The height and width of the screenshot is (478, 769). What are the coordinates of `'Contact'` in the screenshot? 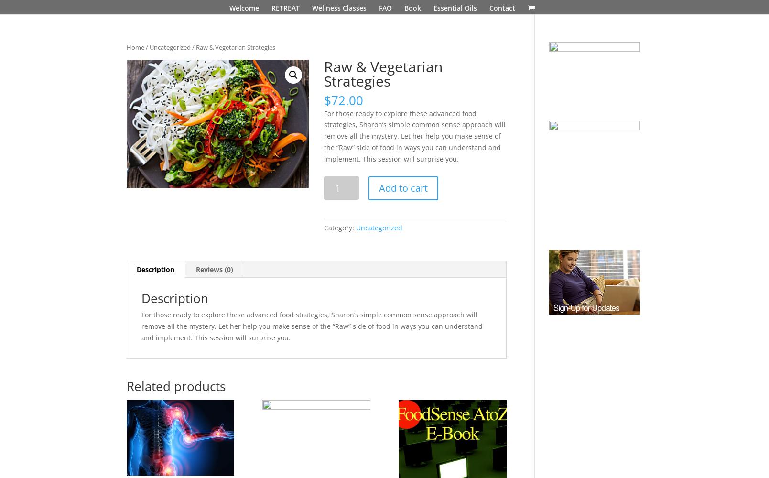 It's located at (501, 8).